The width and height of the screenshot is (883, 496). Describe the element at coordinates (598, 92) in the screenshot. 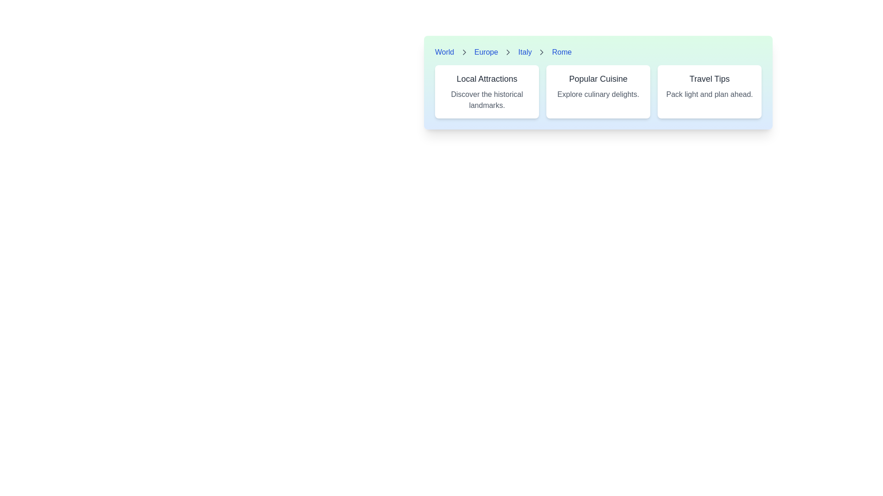

I see `the text on the Informational Card, which provides details about popular cuisine, located centrally between the 'Local Attractions' and 'Travel Tips' cards in the three-column grid layout` at that location.